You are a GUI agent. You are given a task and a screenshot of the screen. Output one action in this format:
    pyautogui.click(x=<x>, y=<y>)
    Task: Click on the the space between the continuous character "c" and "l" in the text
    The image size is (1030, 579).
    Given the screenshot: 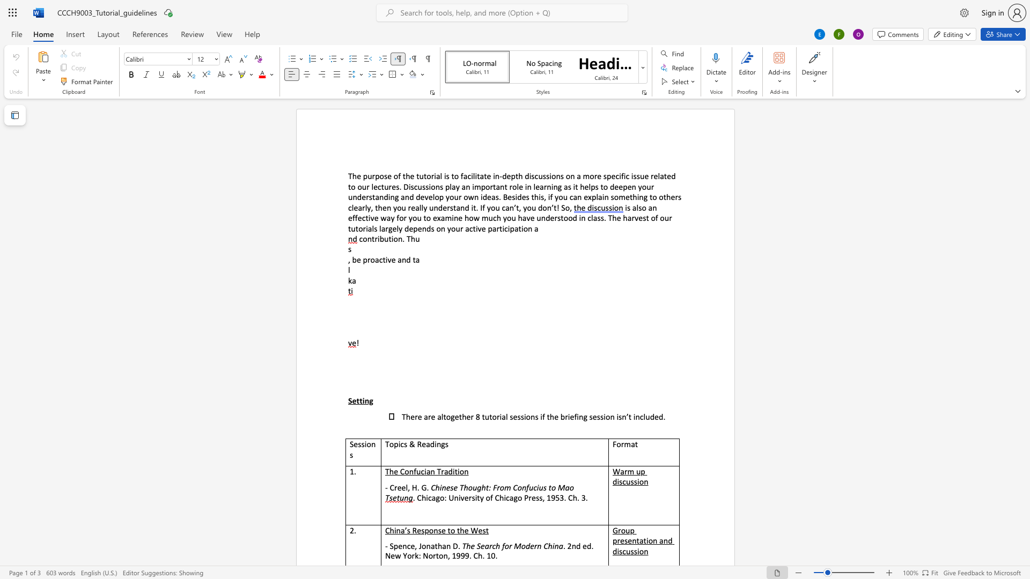 What is the action you would take?
    pyautogui.click(x=643, y=416)
    